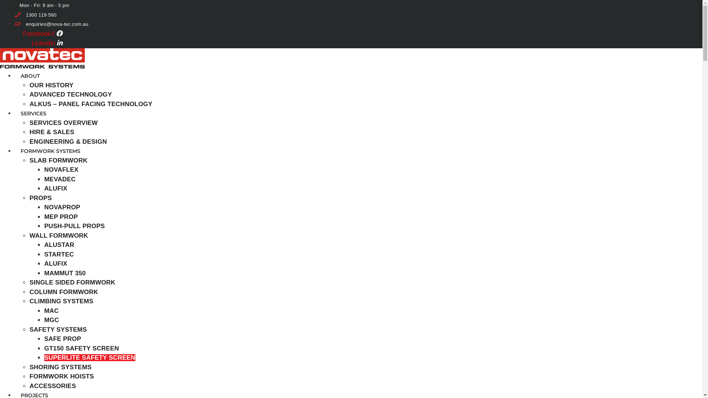 The image size is (708, 398). What do you see at coordinates (33, 114) in the screenshot?
I see `'SERVICES'` at bounding box center [33, 114].